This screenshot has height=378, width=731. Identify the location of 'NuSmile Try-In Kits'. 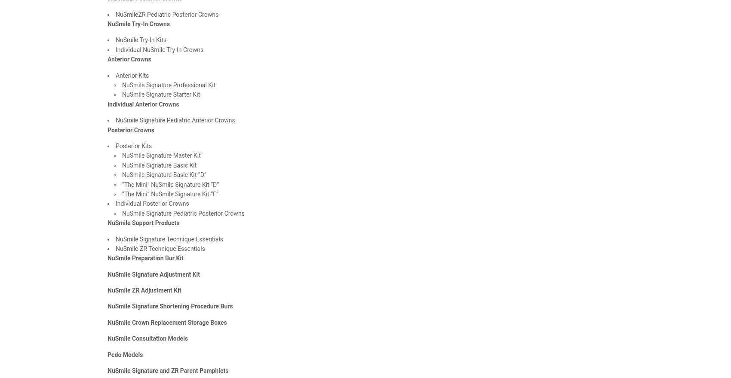
(140, 40).